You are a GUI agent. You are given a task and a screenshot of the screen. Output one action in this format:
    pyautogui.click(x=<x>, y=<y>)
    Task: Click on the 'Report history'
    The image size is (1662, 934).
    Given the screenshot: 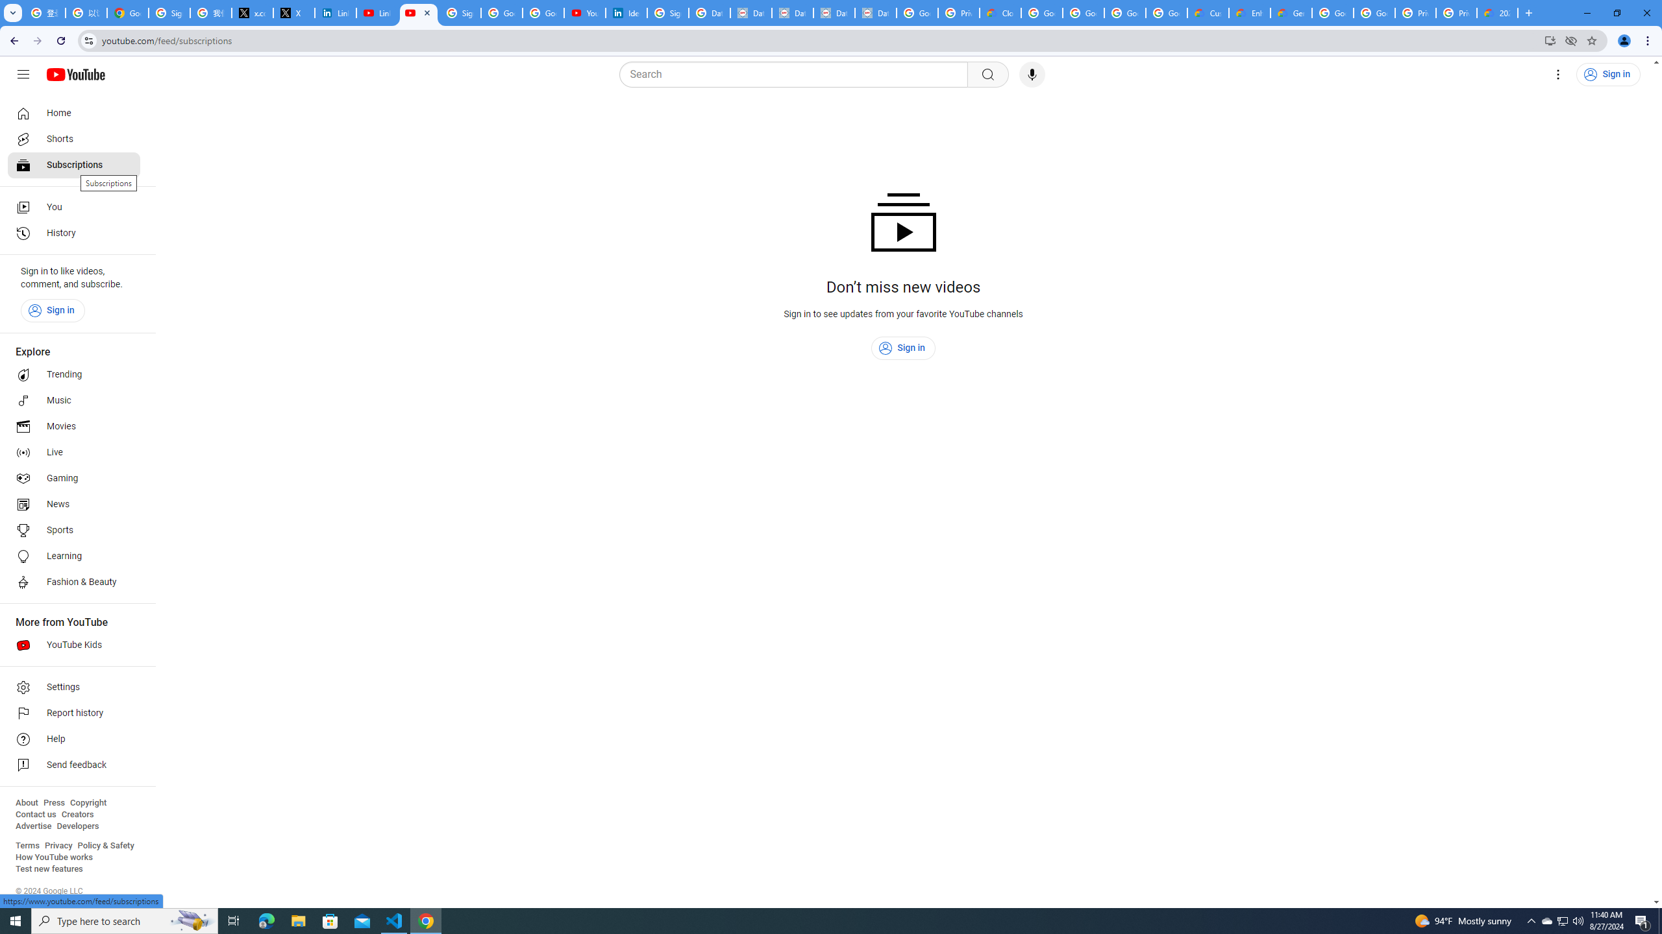 What is the action you would take?
    pyautogui.click(x=73, y=713)
    